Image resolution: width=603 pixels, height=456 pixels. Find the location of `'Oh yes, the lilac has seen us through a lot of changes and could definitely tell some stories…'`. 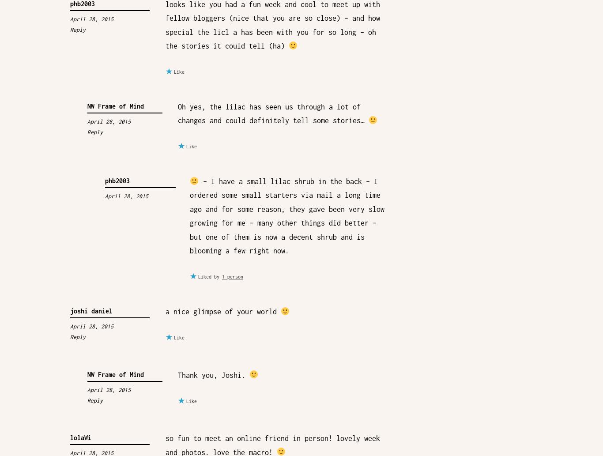

'Oh yes, the lilac has seen us through a lot of changes and could definitely tell some stories…' is located at coordinates (272, 113).